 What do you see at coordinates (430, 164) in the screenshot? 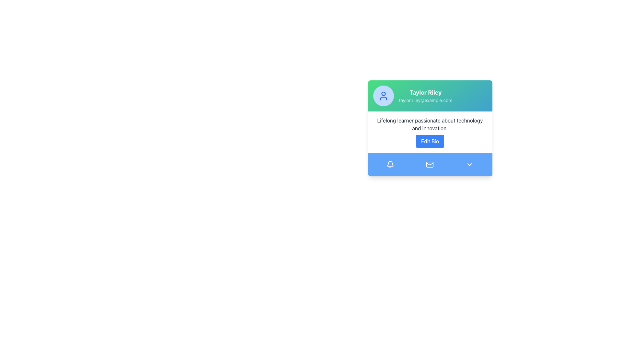
I see `the envelope icon in the interactive toolbar located at the bottom of the card interface` at bounding box center [430, 164].